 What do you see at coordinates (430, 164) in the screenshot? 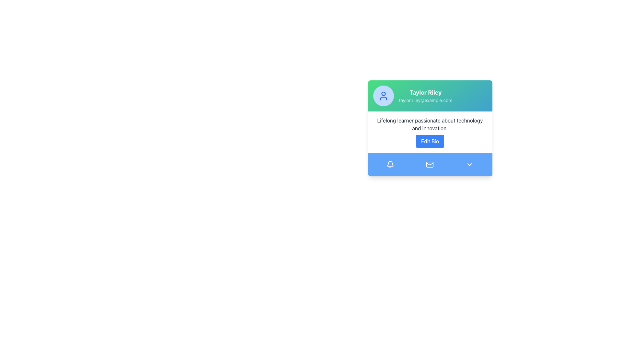
I see `the envelope icon in the interactive toolbar located at the bottom of the card interface` at bounding box center [430, 164].